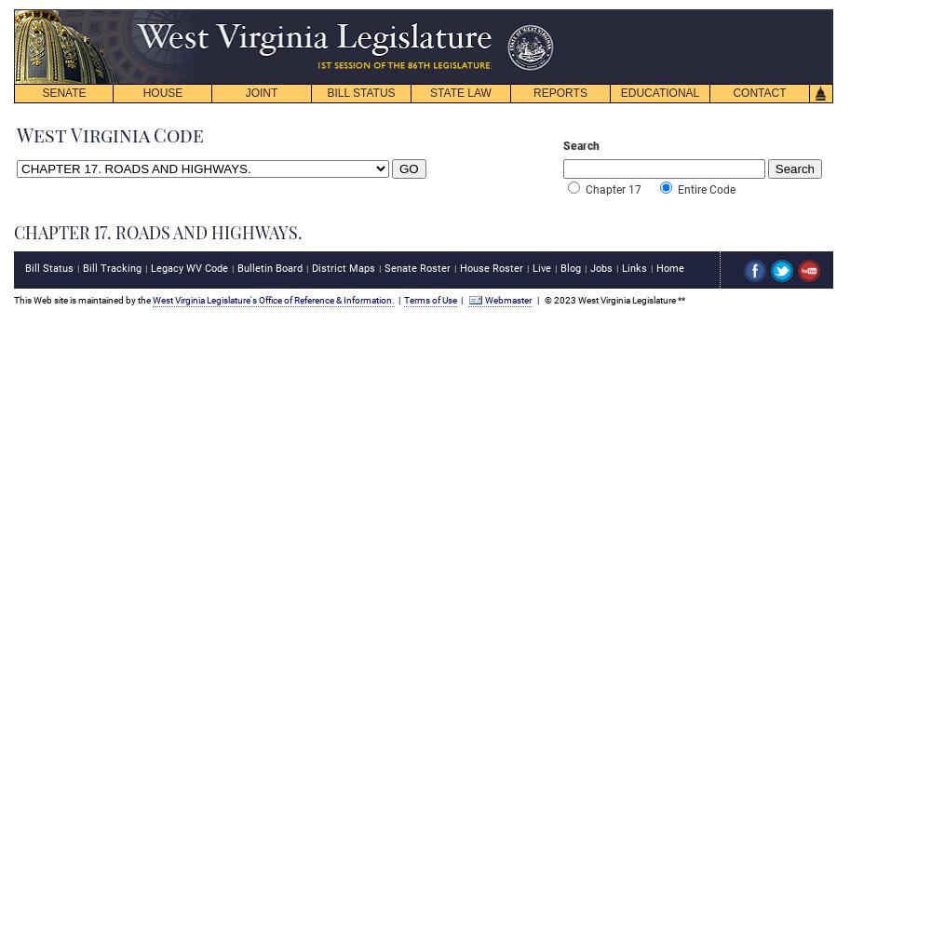 Image resolution: width=931 pixels, height=931 pixels. What do you see at coordinates (222, 161) in the screenshot?
I see `'JUDICIAL COMP. COMMISSION'` at bounding box center [222, 161].